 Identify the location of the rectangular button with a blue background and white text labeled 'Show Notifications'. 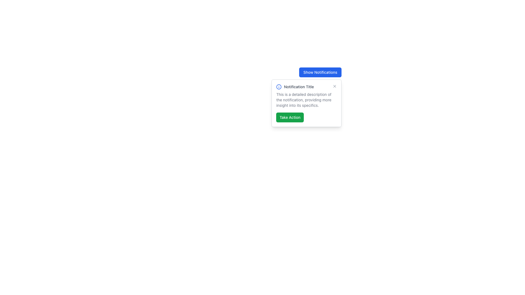
(320, 72).